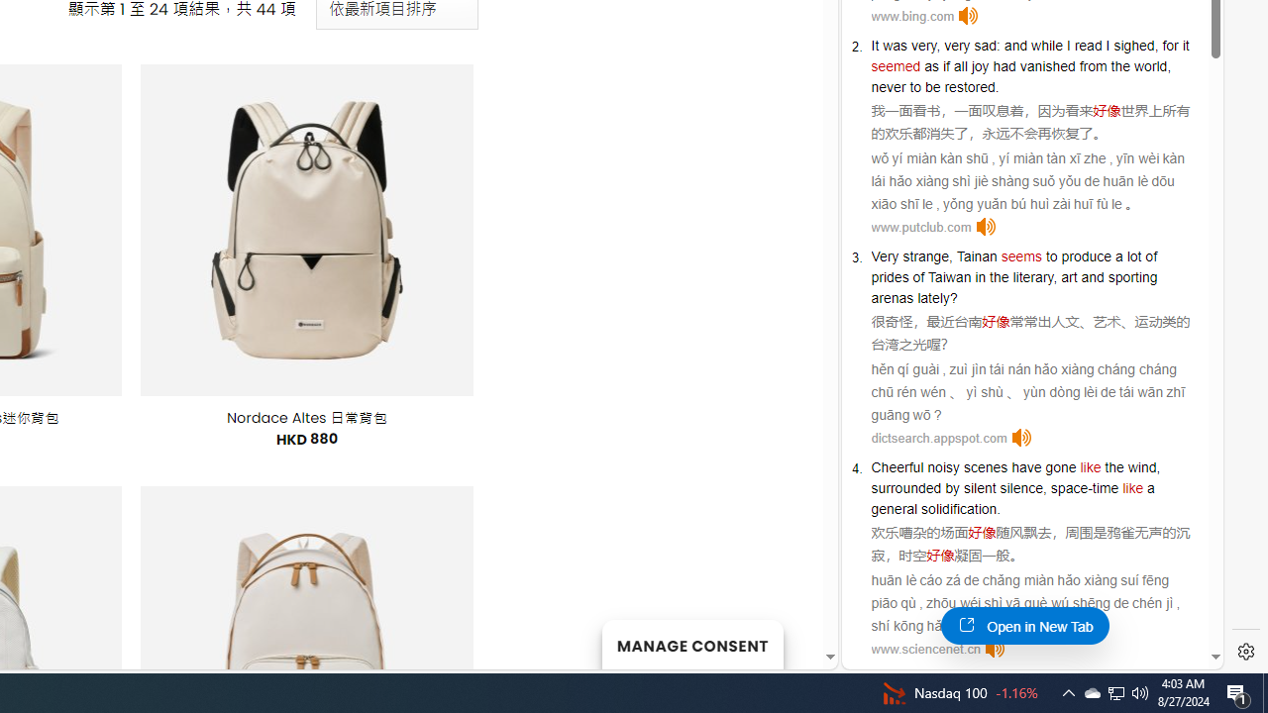  What do you see at coordinates (897, 466) in the screenshot?
I see `'Cheerful'` at bounding box center [897, 466].